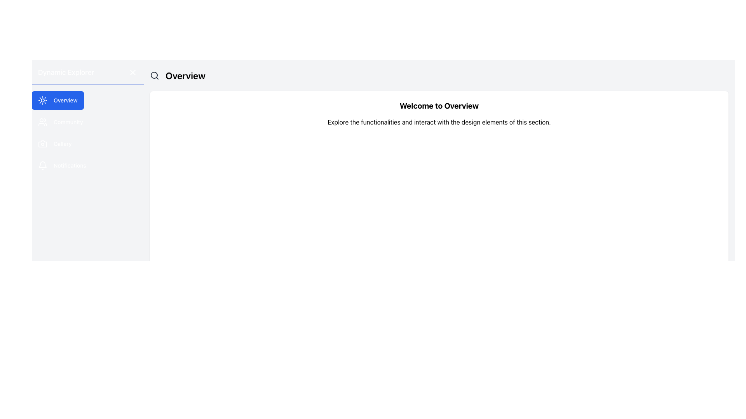 Image resolution: width=746 pixels, height=419 pixels. Describe the element at coordinates (42, 144) in the screenshot. I see `the small camera icon located to the left of the text label 'Gallery' in the second option of the vertical navigation menu` at that location.